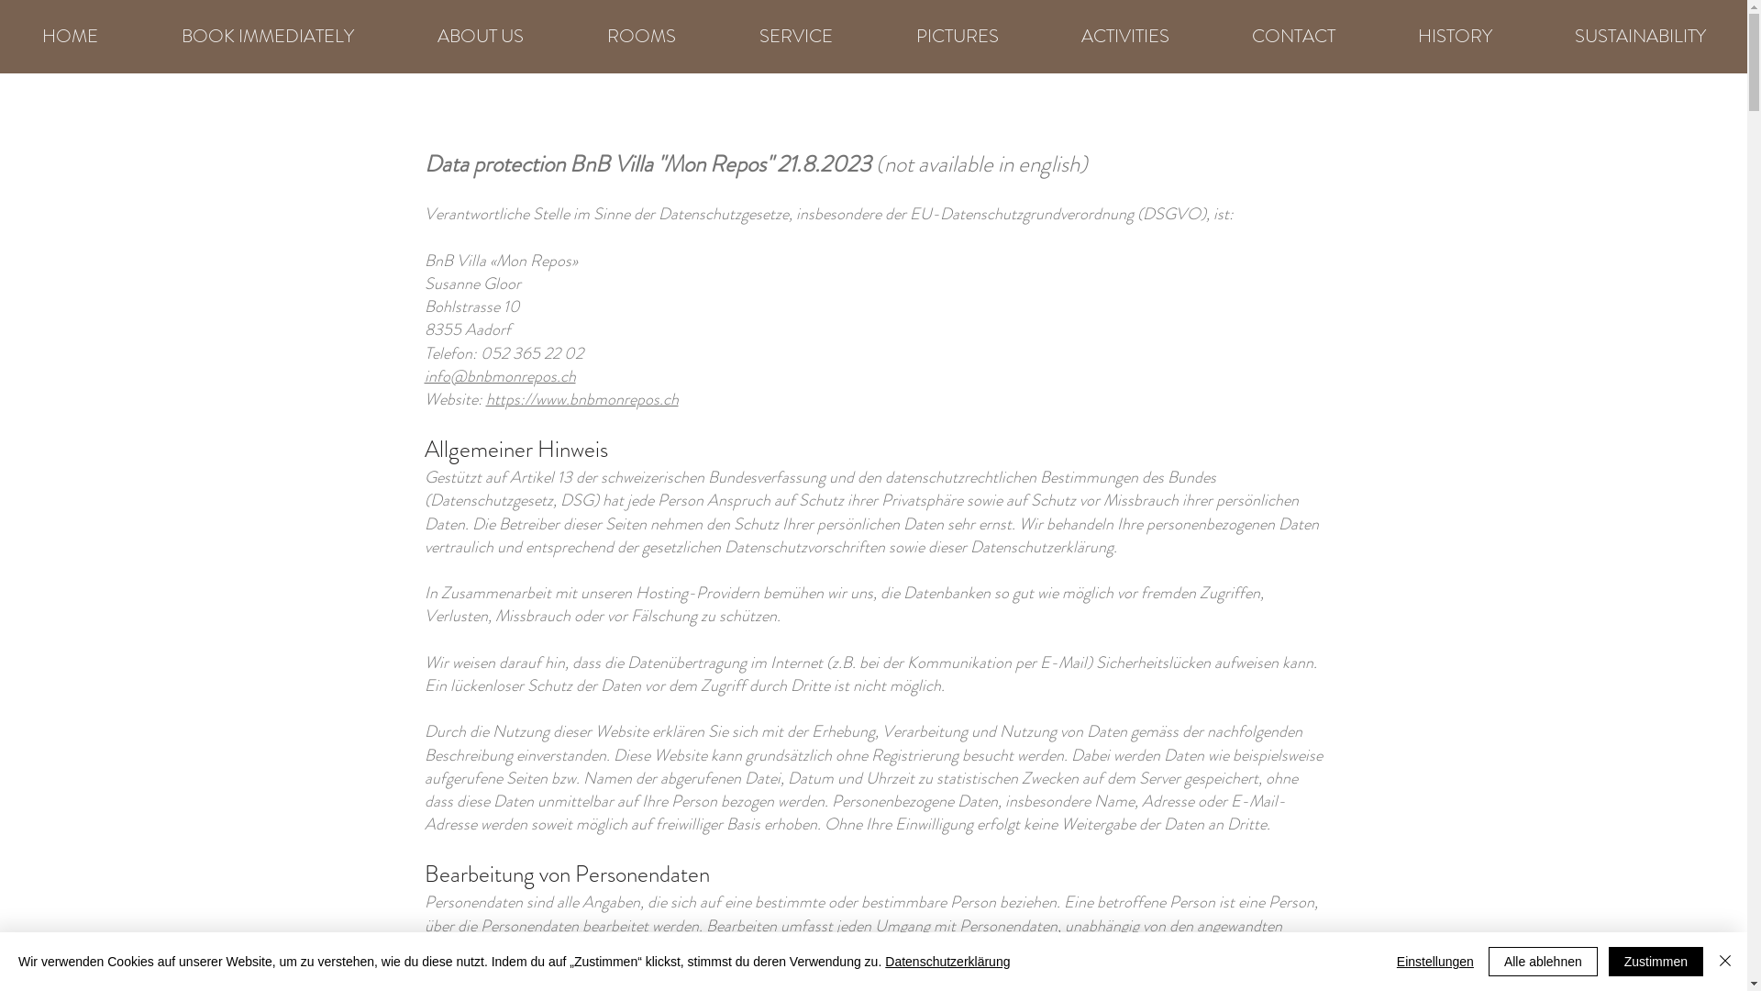 The width and height of the screenshot is (1761, 991). What do you see at coordinates (581, 398) in the screenshot?
I see `'https://www.bnbmonrepos.ch'` at bounding box center [581, 398].